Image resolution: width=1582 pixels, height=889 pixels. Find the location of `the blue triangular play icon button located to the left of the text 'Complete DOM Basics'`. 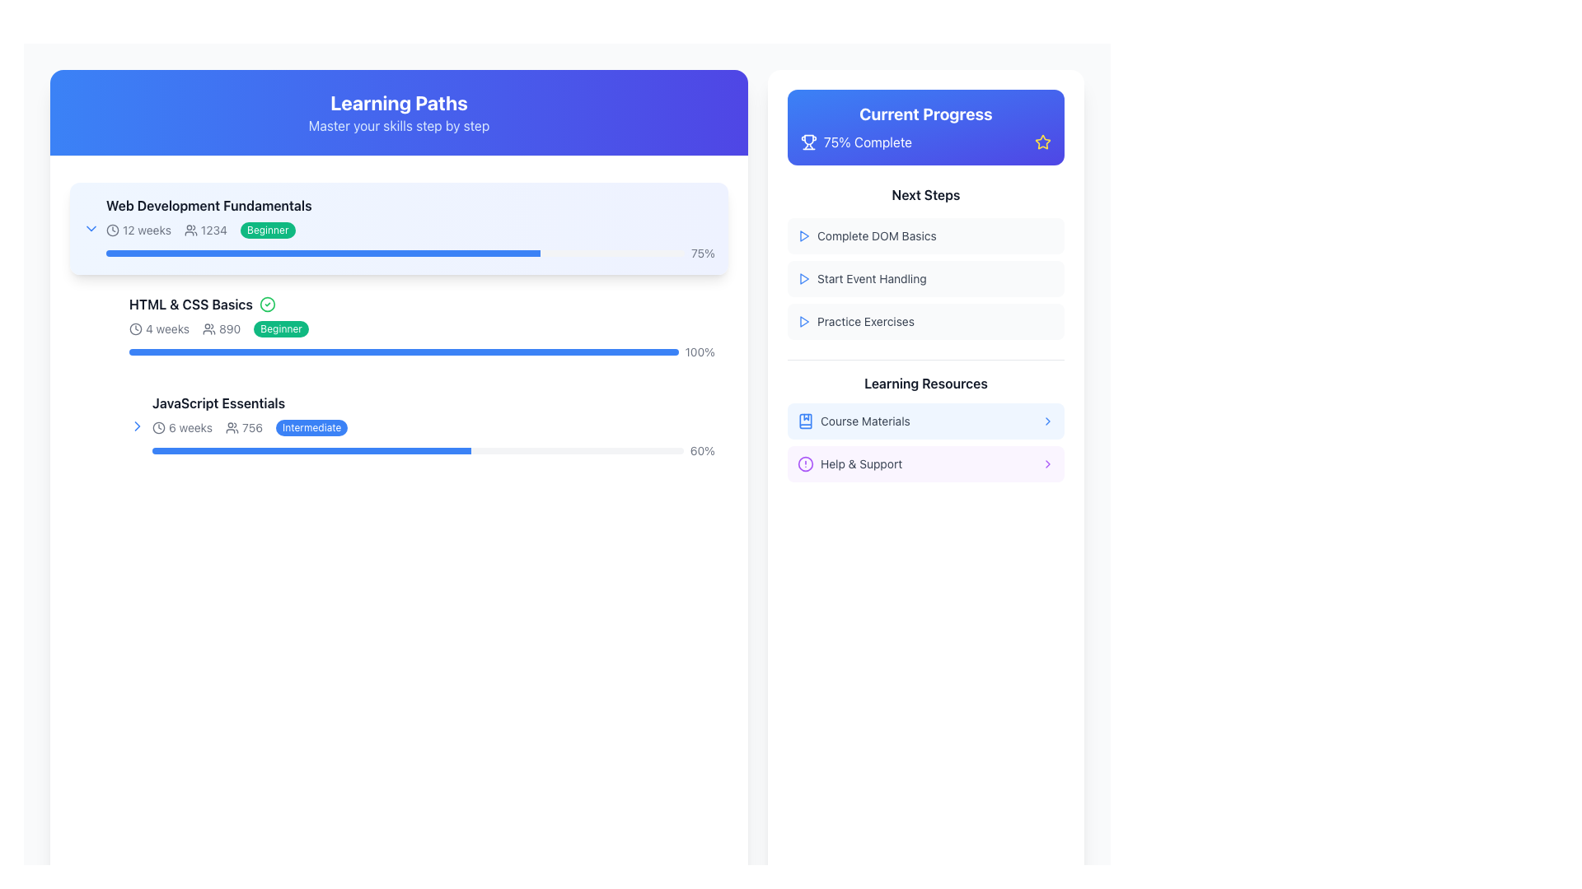

the blue triangular play icon button located to the left of the text 'Complete DOM Basics' is located at coordinates (803, 235).